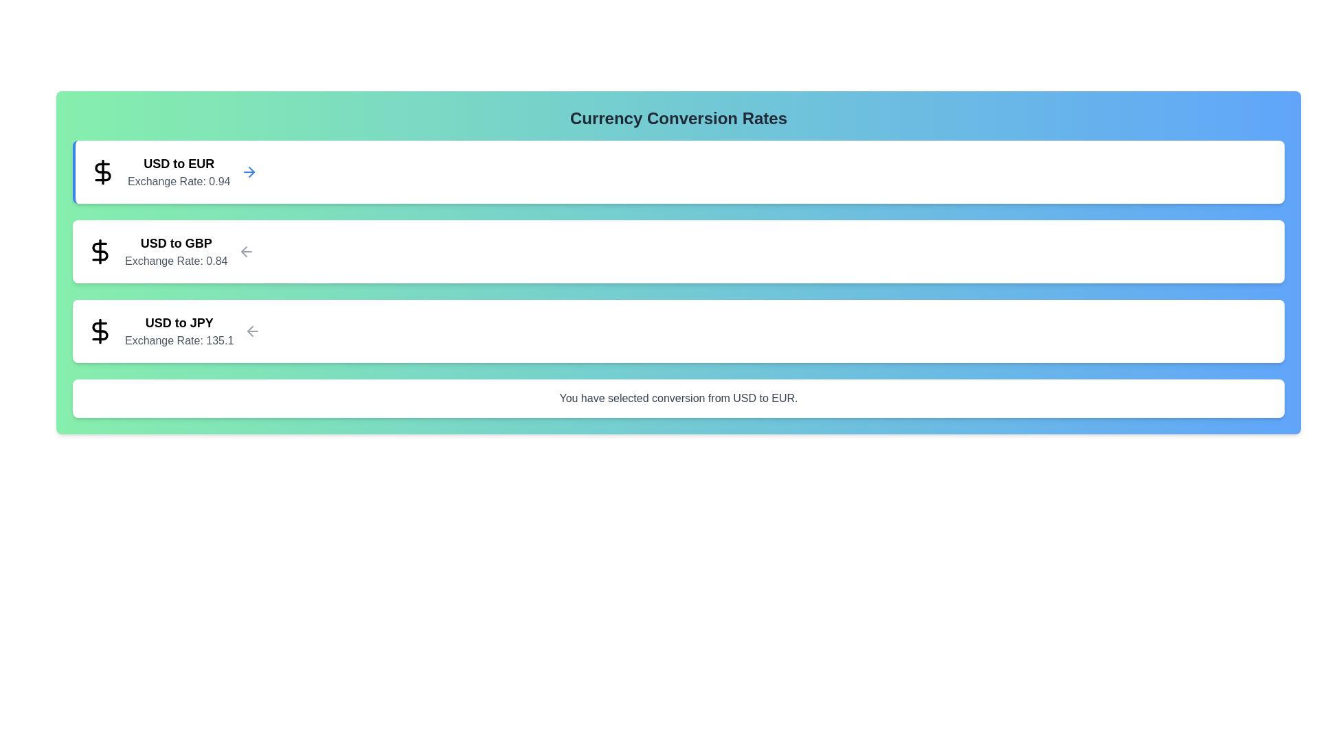 The image size is (1319, 741). What do you see at coordinates (178, 171) in the screenshot?
I see `the Display card that shows the exchange rate from USD to EUR, which is the topmost card in a vertically stacked list of currency conversion options` at bounding box center [178, 171].